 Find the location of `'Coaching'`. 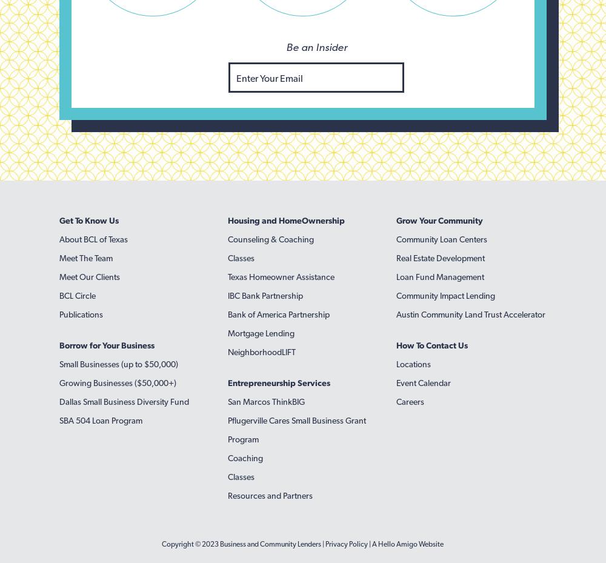

'Coaching' is located at coordinates (245, 458).